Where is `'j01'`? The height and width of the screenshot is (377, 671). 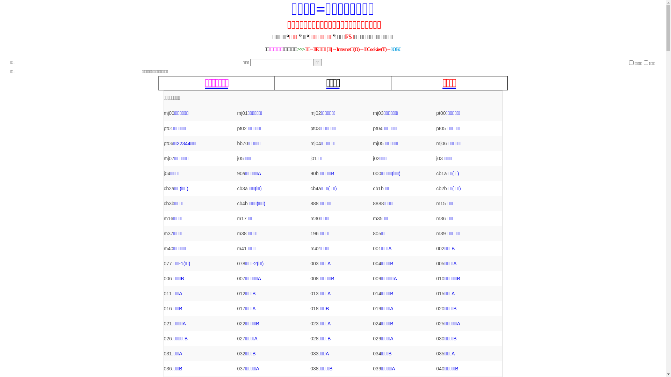 'j01' is located at coordinates (313, 158).